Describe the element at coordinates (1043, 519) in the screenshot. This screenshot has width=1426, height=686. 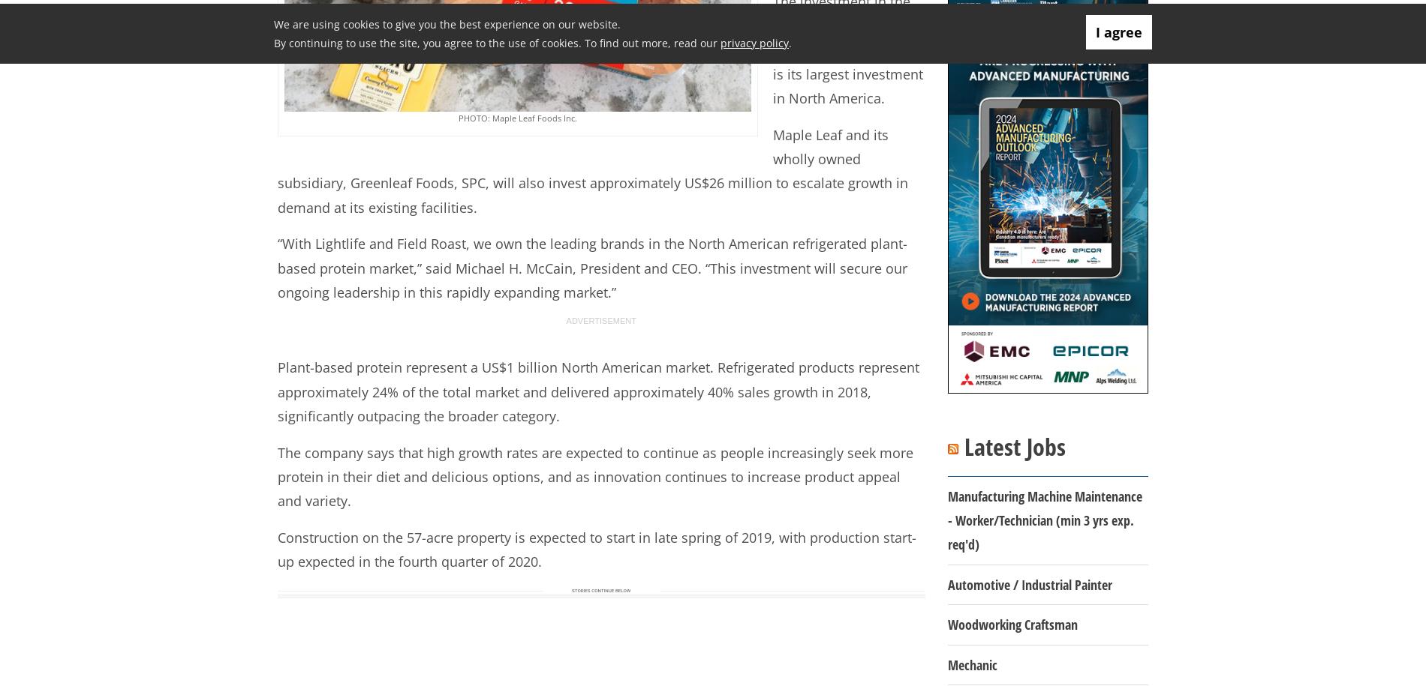
I see `'Manufacturing Machine Maintenance - Worker/Technician (min 3 yrs exp. req'd)'` at that location.